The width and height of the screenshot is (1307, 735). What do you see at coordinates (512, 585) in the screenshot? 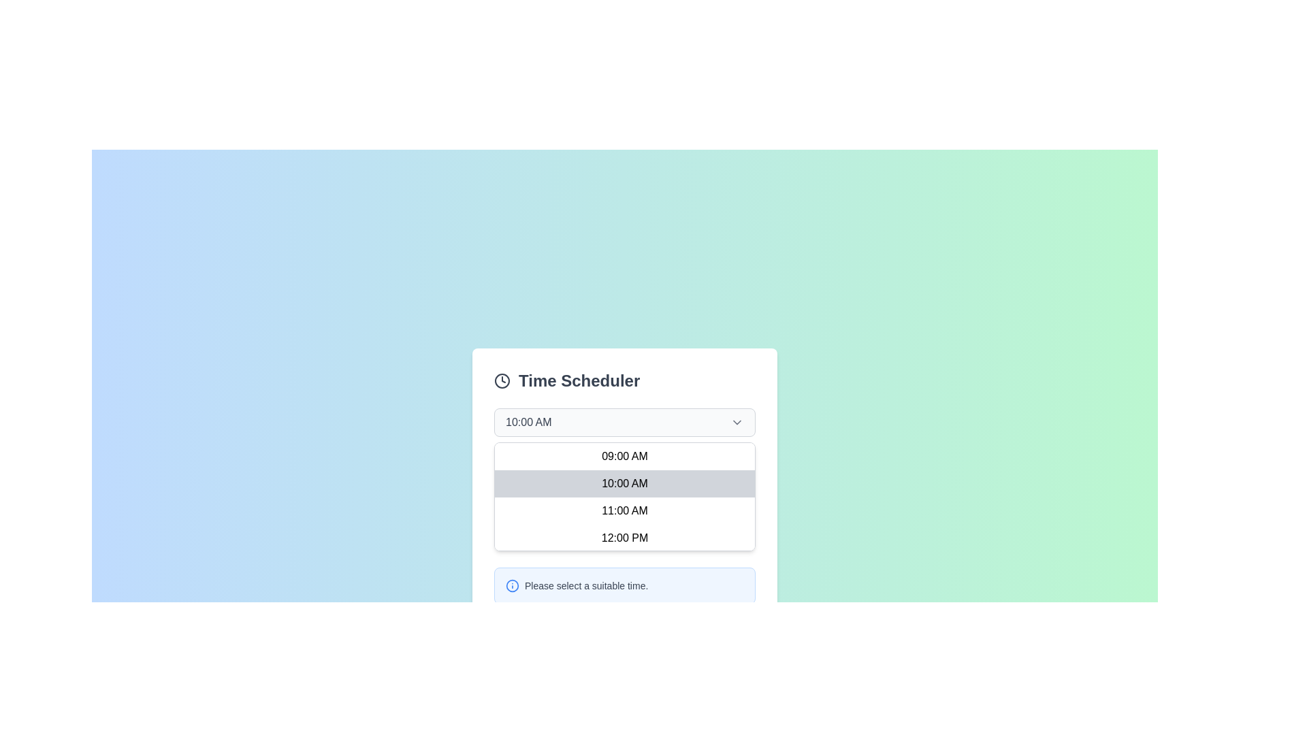
I see `the circular 'info' icon that indicates additional information related to the message 'Please select a suitable time.'` at bounding box center [512, 585].